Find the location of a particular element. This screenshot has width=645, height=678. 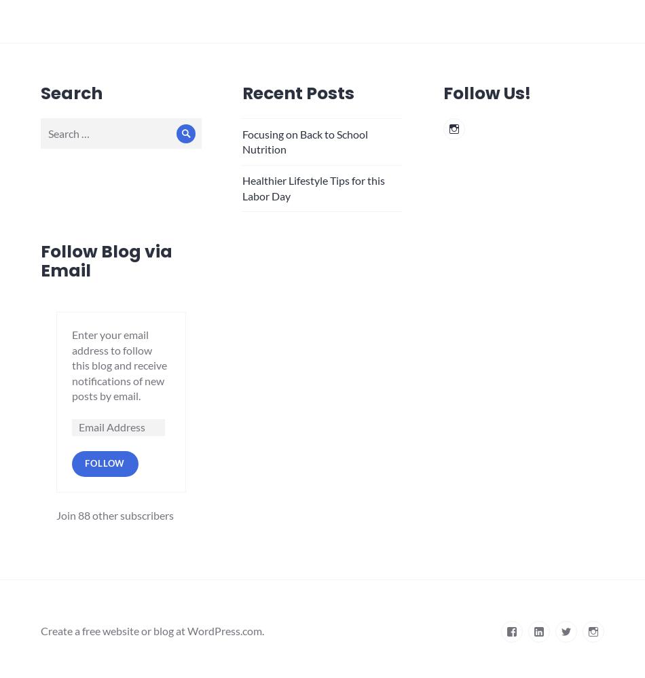

'Focusing on Back to School Nutrition' is located at coordinates (303, 141).